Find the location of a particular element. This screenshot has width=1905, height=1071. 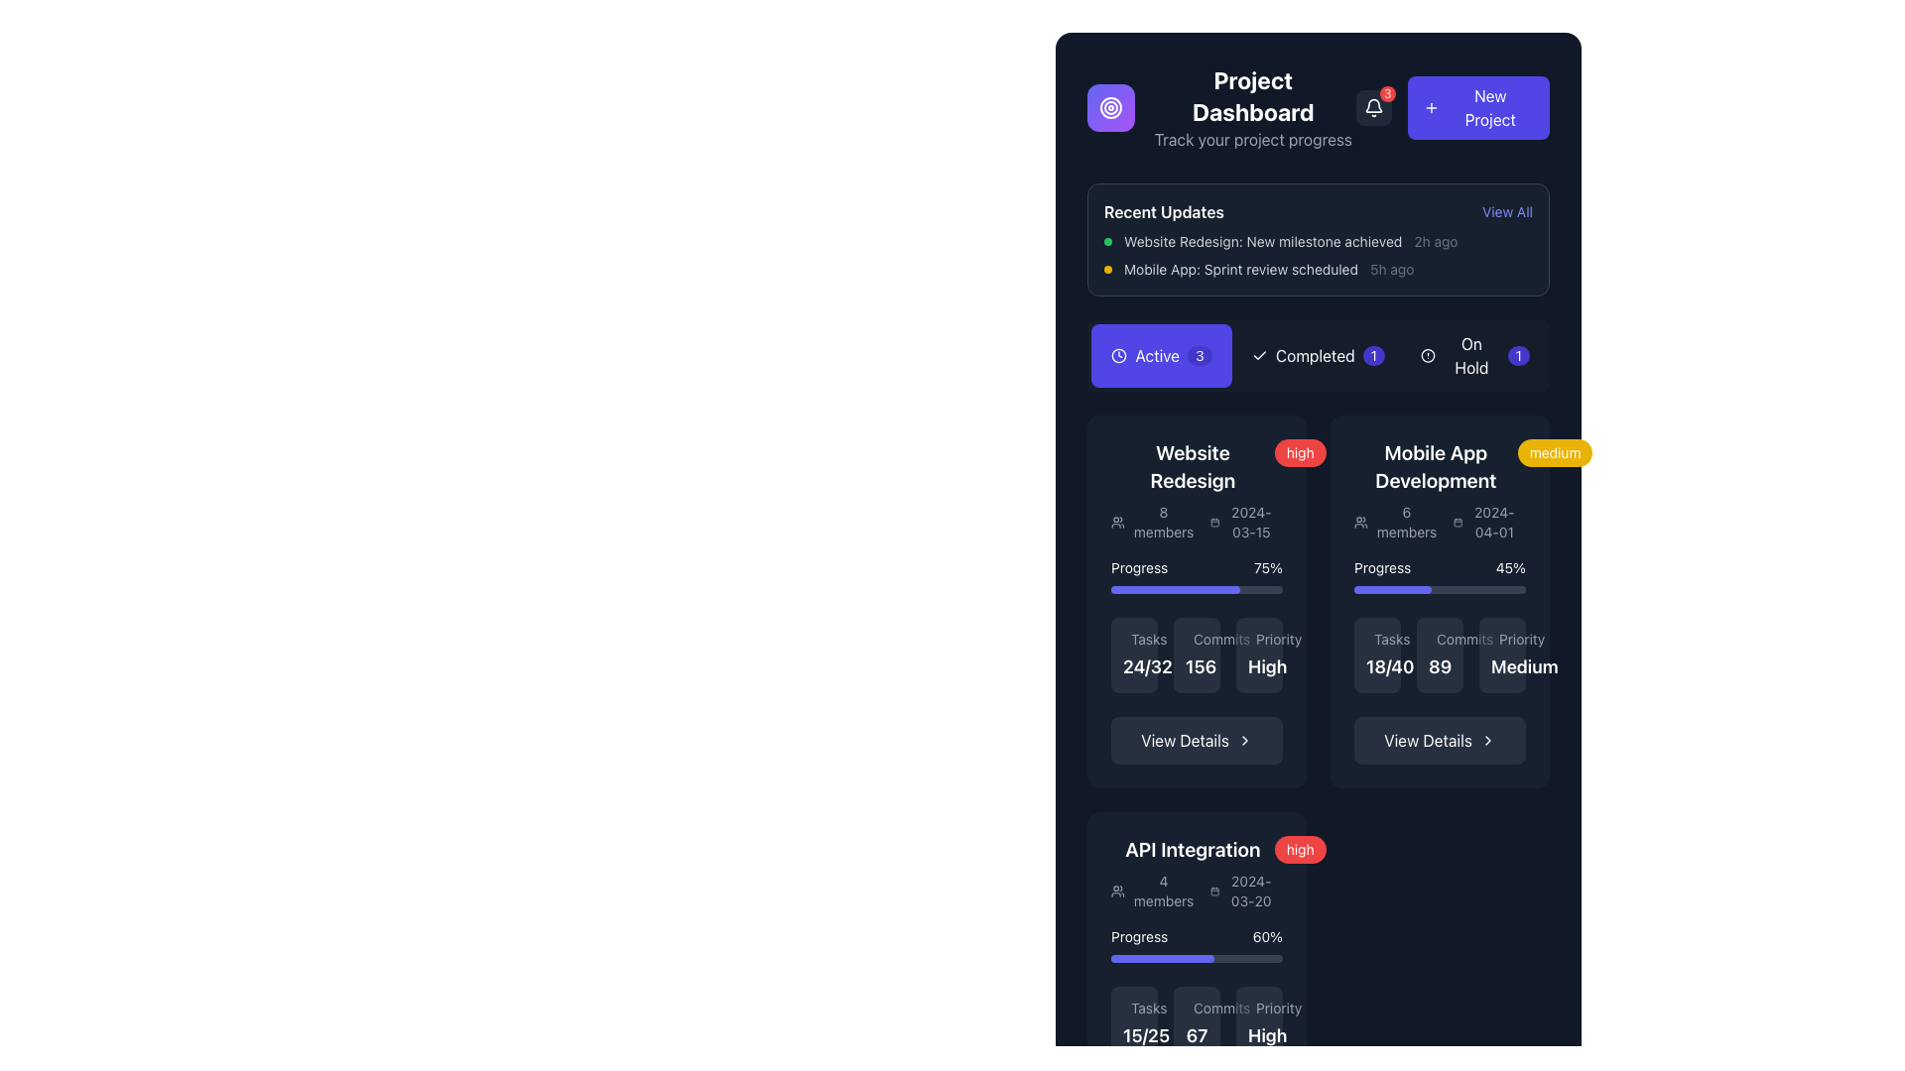

the icon located on the left side of the 'Project Dashboard' header section, positioned before the title text is located at coordinates (1109, 107).